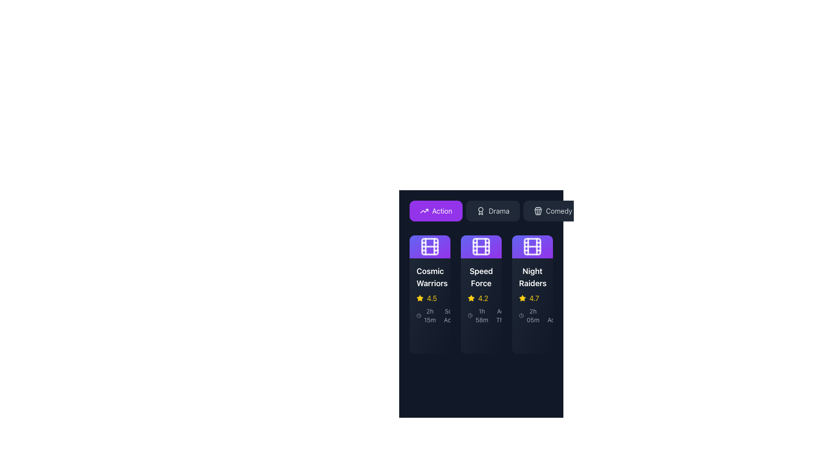 Image resolution: width=834 pixels, height=469 pixels. What do you see at coordinates (529, 315) in the screenshot?
I see `the duration information displayed for the movie 'Night Raiders', located below the rating stars and aligned with the clock icon` at bounding box center [529, 315].